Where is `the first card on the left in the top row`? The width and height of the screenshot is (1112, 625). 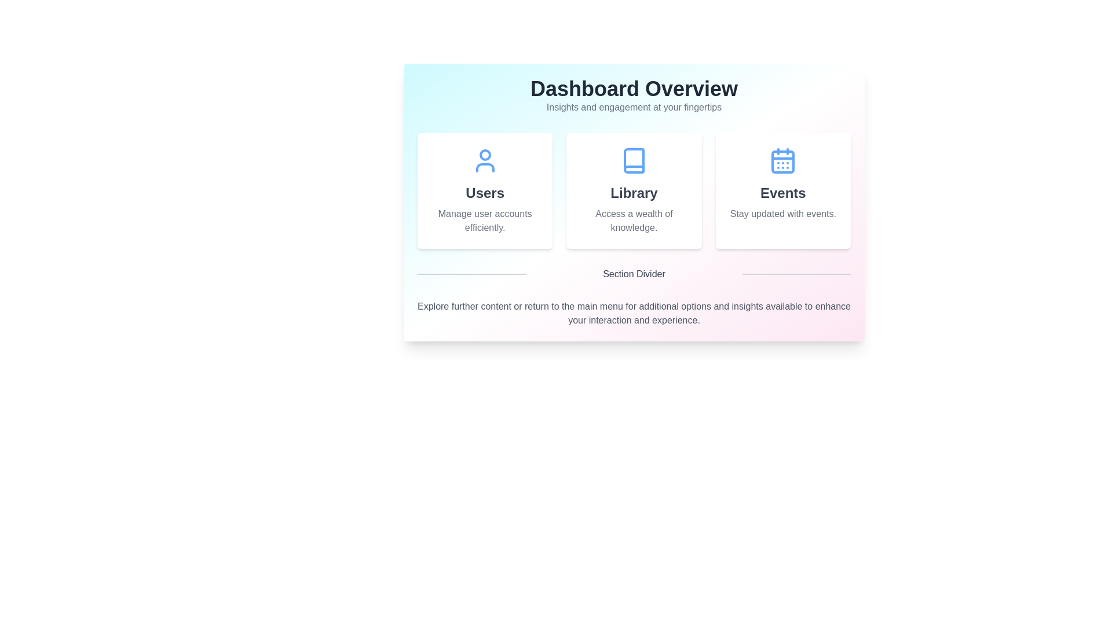 the first card on the left in the top row is located at coordinates (485, 190).